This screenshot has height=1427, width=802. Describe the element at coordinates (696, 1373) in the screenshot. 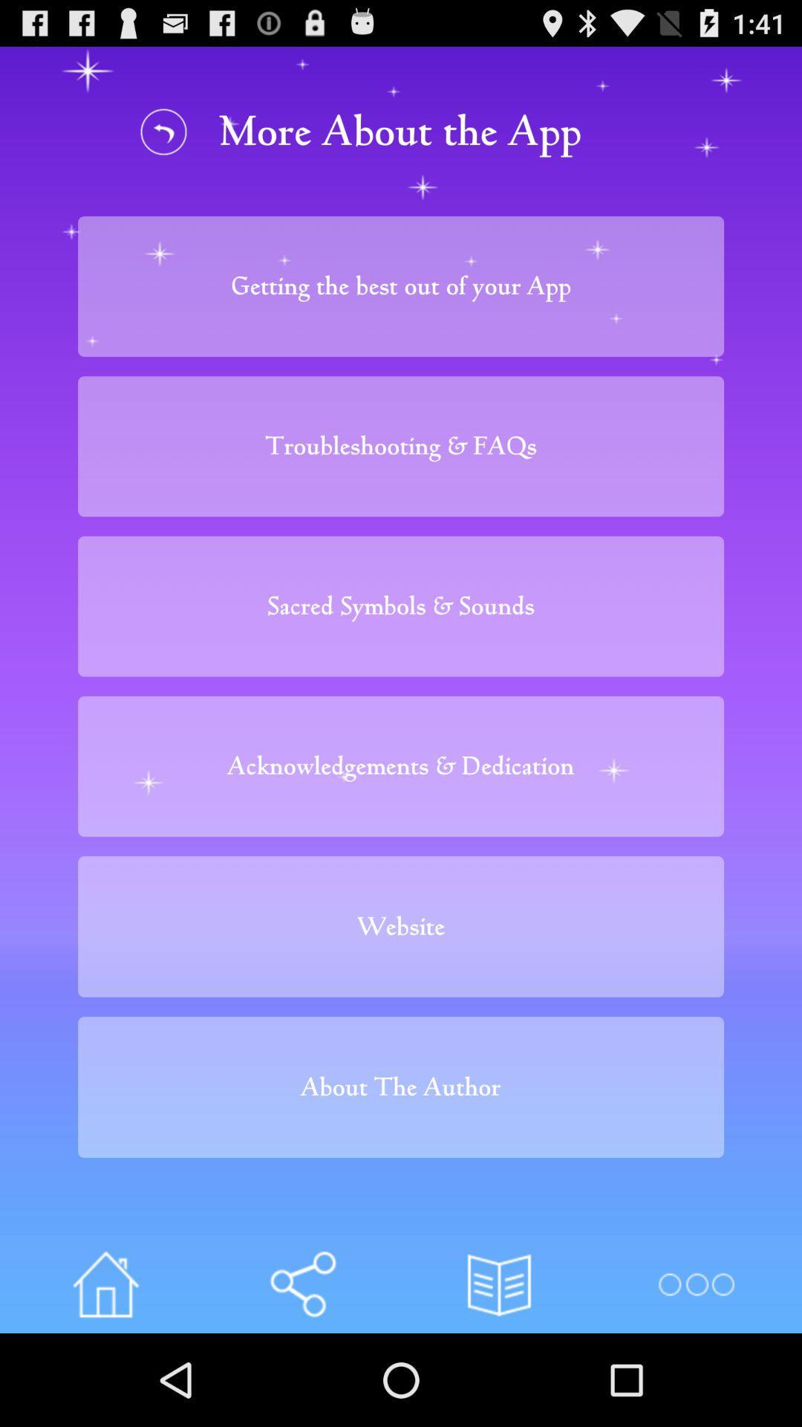

I see `the more icon` at that location.